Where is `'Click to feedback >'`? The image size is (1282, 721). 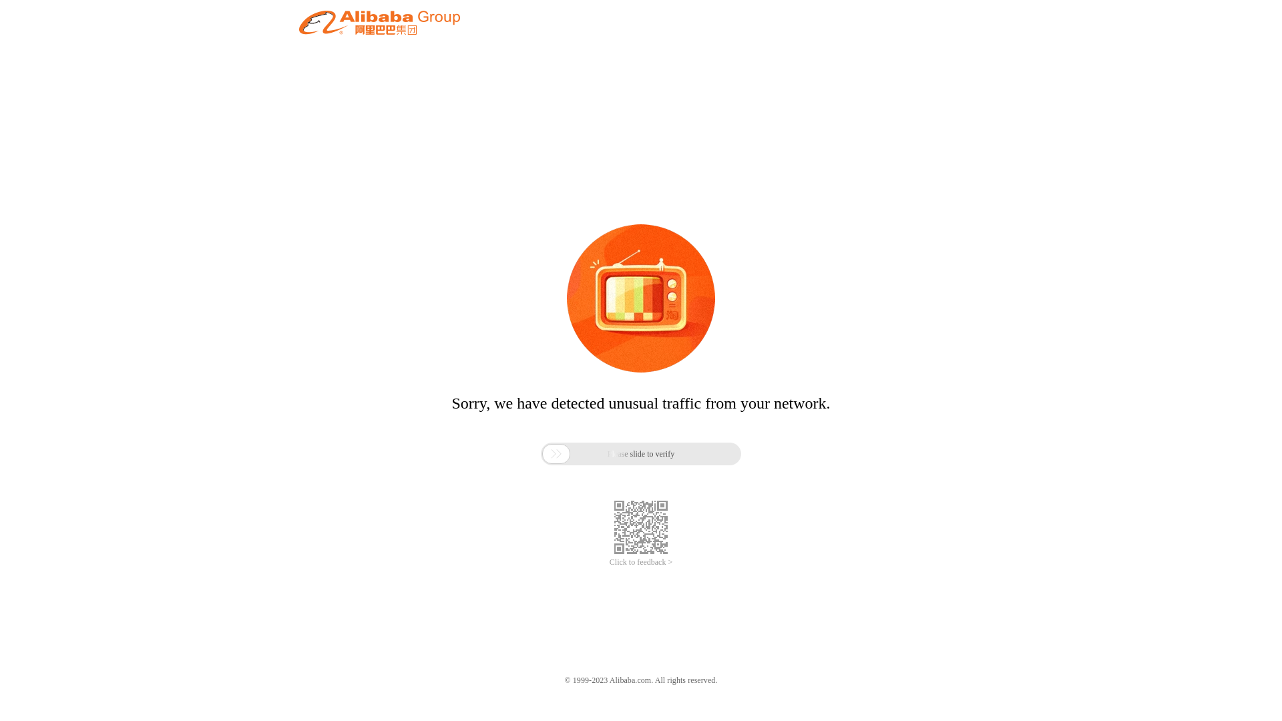 'Click to feedback >' is located at coordinates (608, 562).